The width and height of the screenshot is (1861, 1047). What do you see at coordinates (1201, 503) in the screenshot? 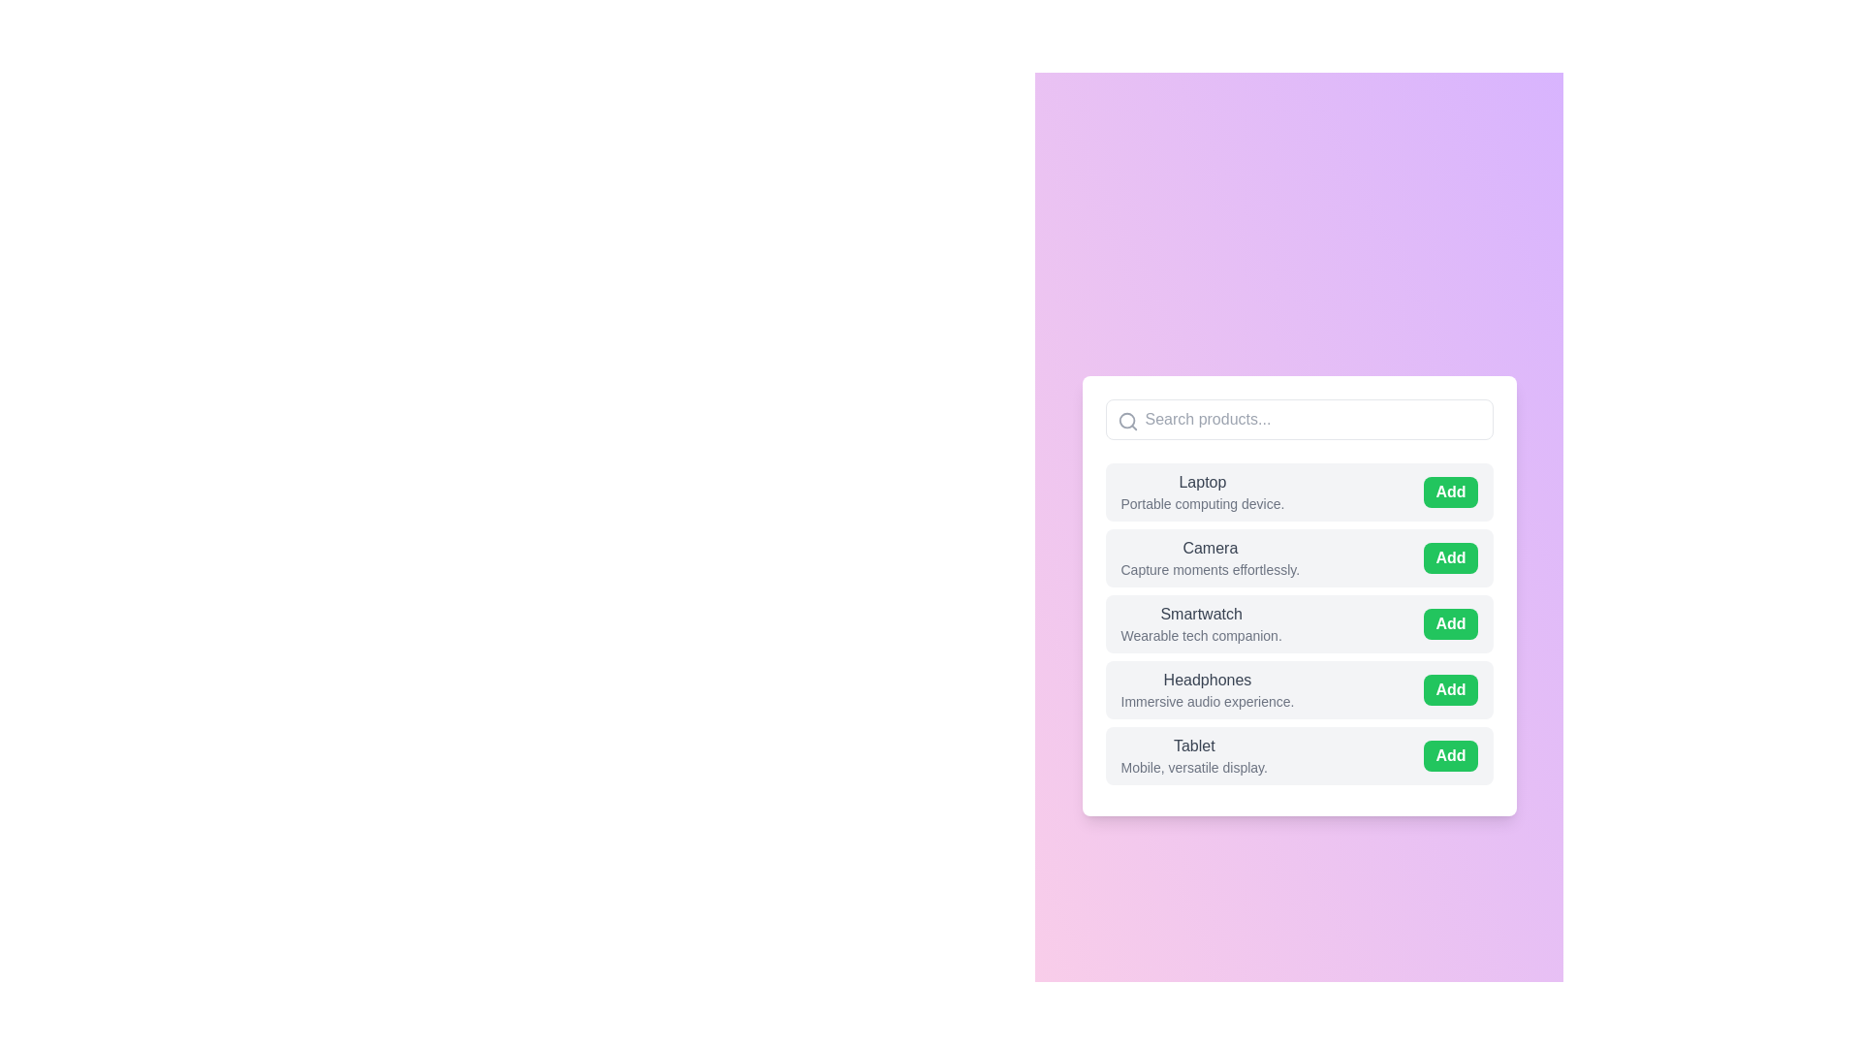
I see `the descriptive text label providing information about the 'Laptop' category, located immediately below the word 'Laptop' in the product categories list` at bounding box center [1201, 503].